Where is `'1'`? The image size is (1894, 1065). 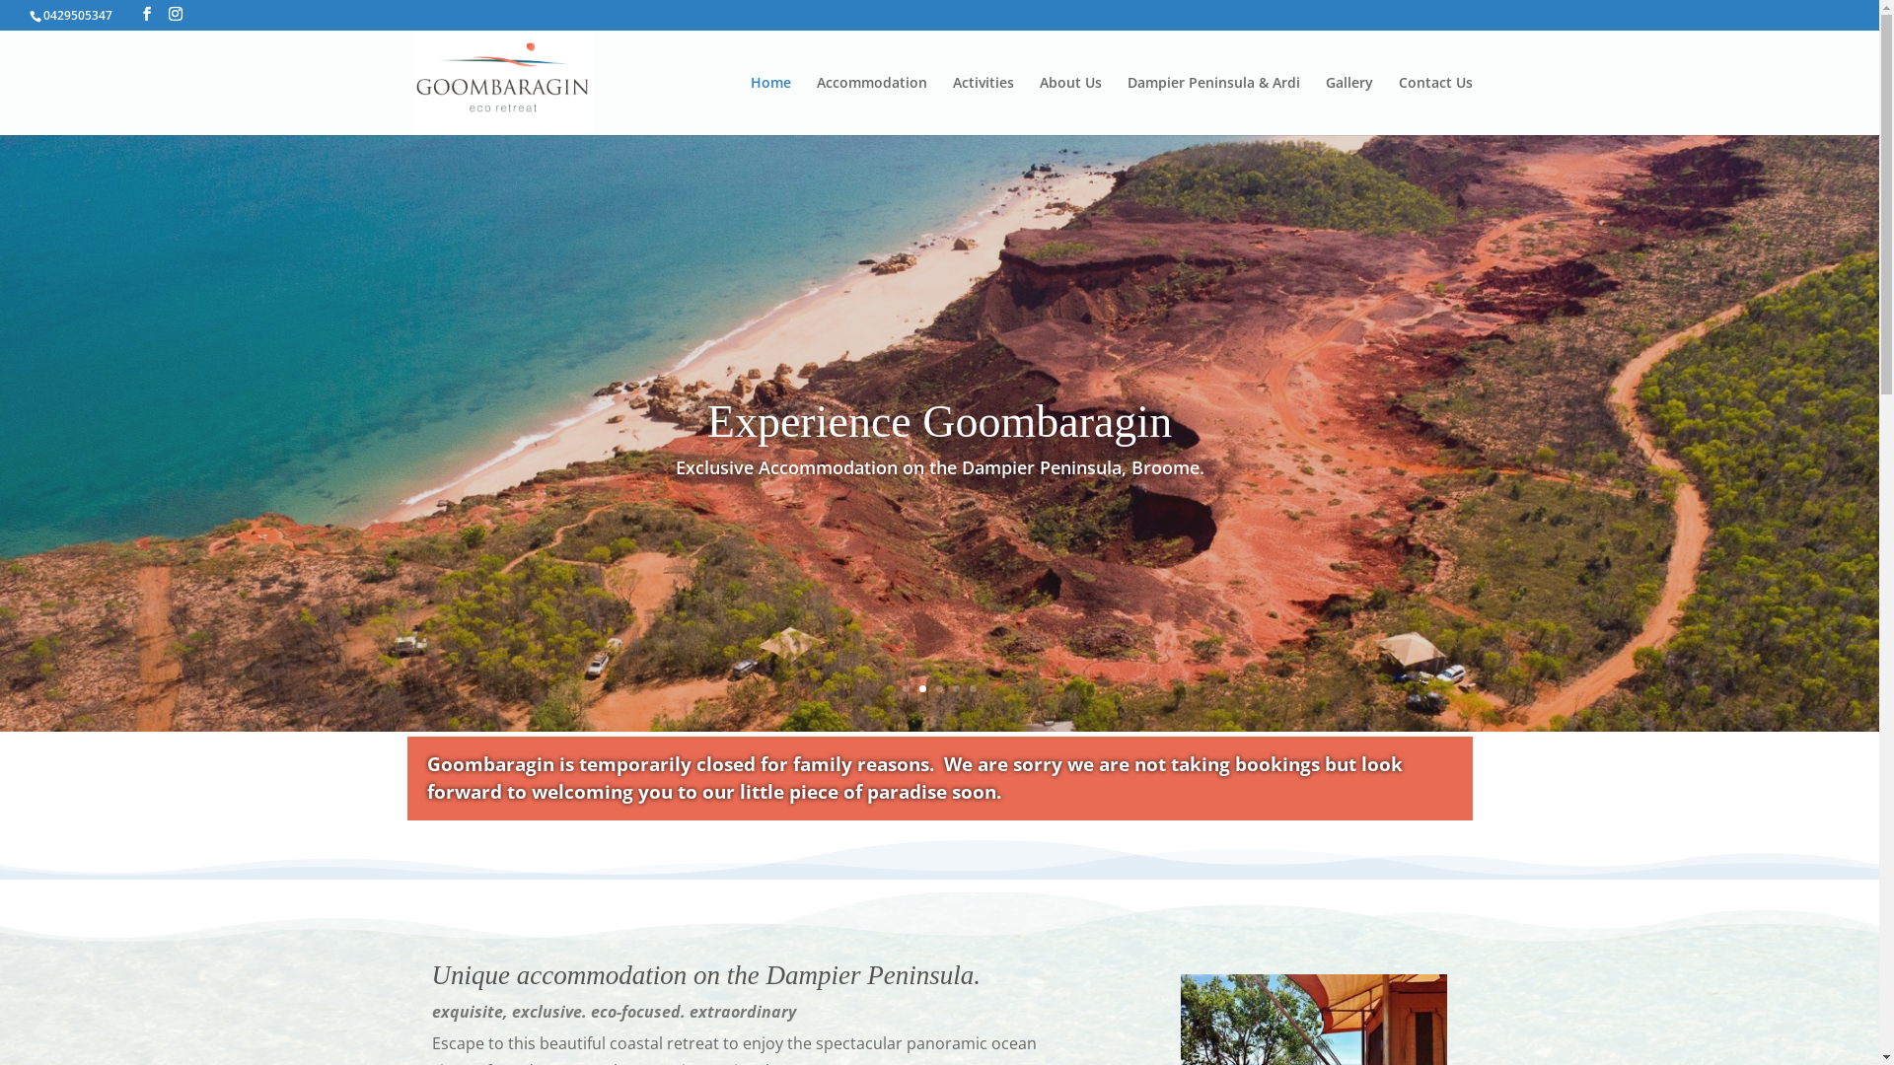 '1' is located at coordinates (902, 687).